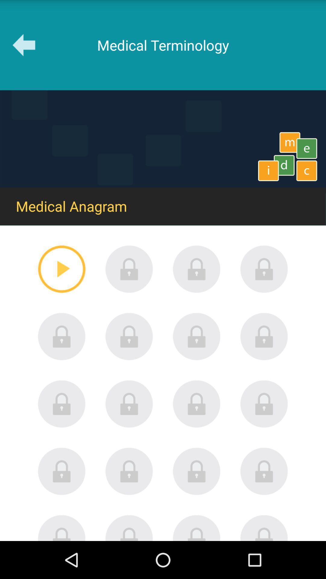  Describe the element at coordinates (197, 527) in the screenshot. I see `lock option` at that location.